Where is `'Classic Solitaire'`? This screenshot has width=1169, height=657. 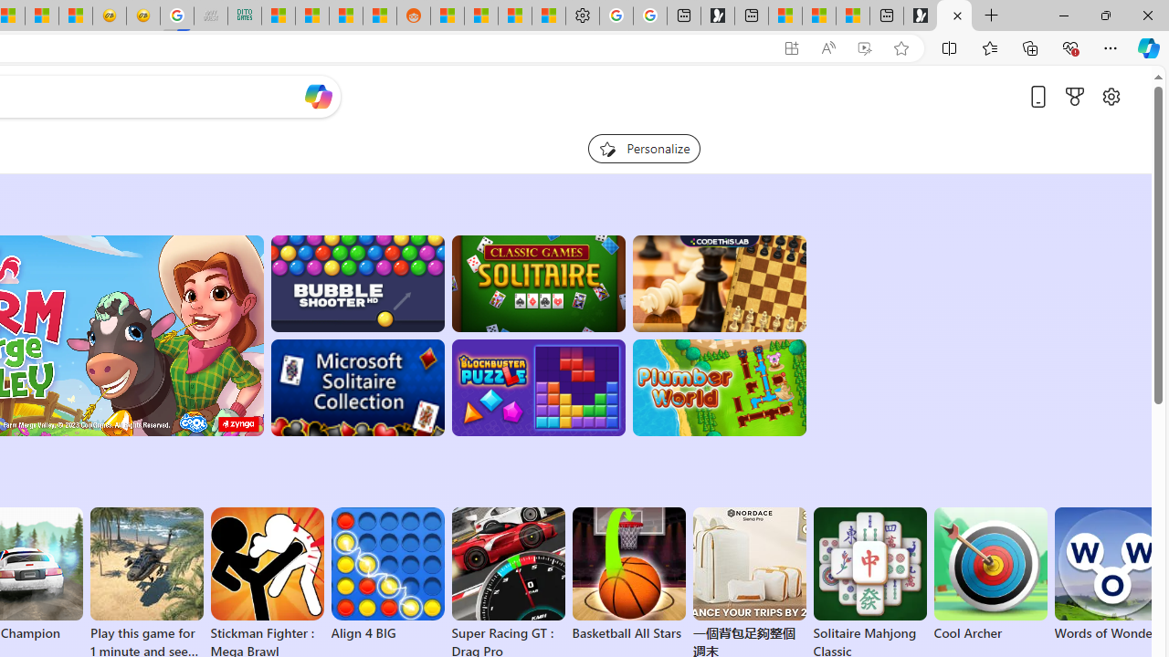
'Classic Solitaire' is located at coordinates (537, 284).